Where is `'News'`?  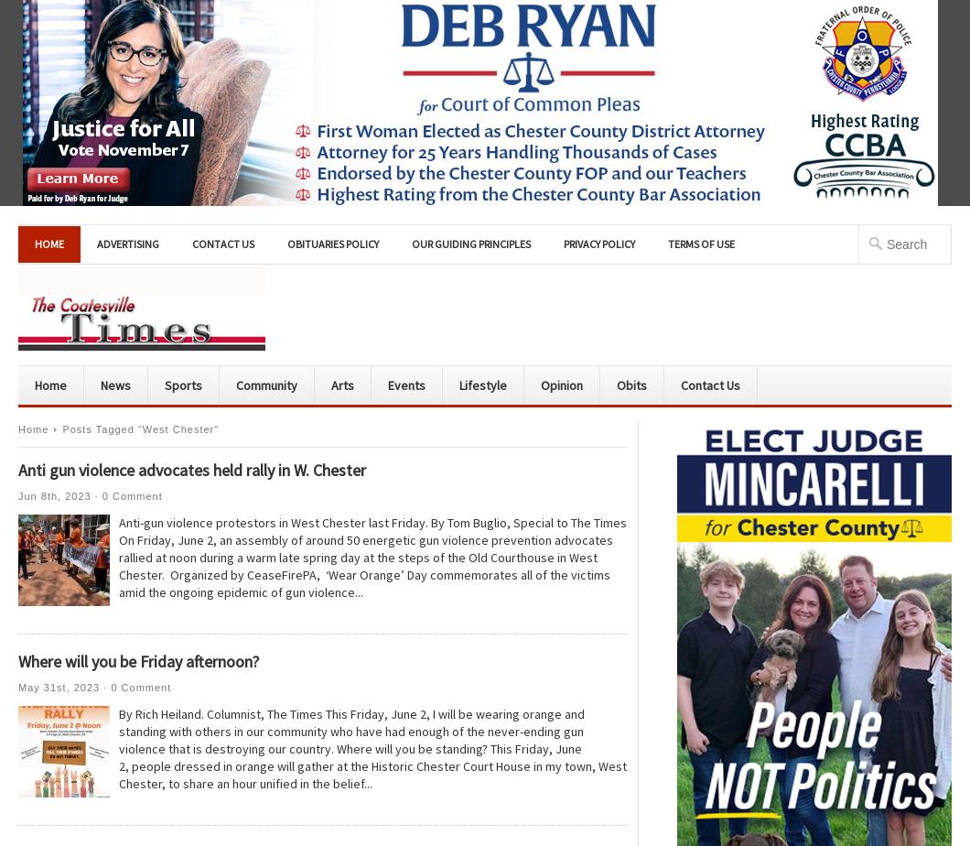
'News' is located at coordinates (115, 385).